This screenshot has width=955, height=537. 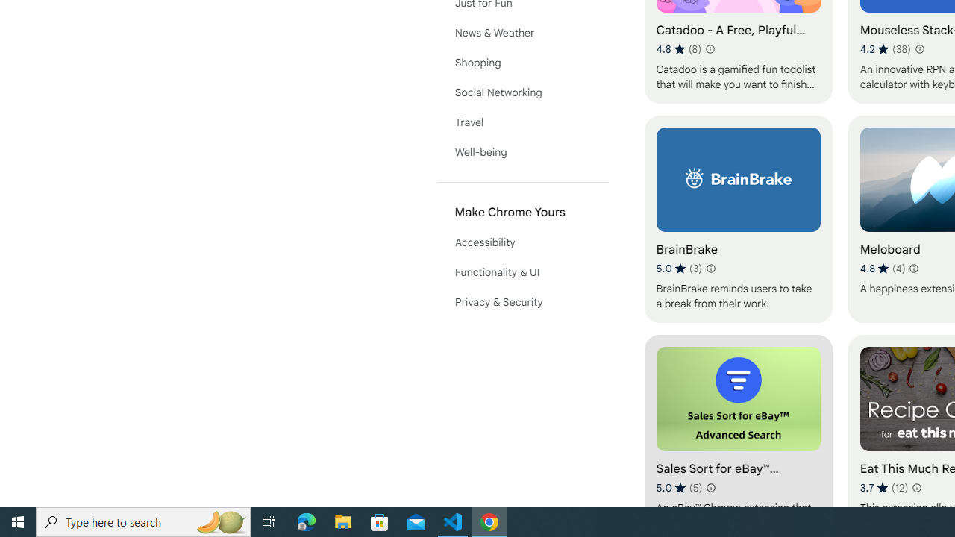 What do you see at coordinates (522, 302) in the screenshot?
I see `'Privacy & Security'` at bounding box center [522, 302].